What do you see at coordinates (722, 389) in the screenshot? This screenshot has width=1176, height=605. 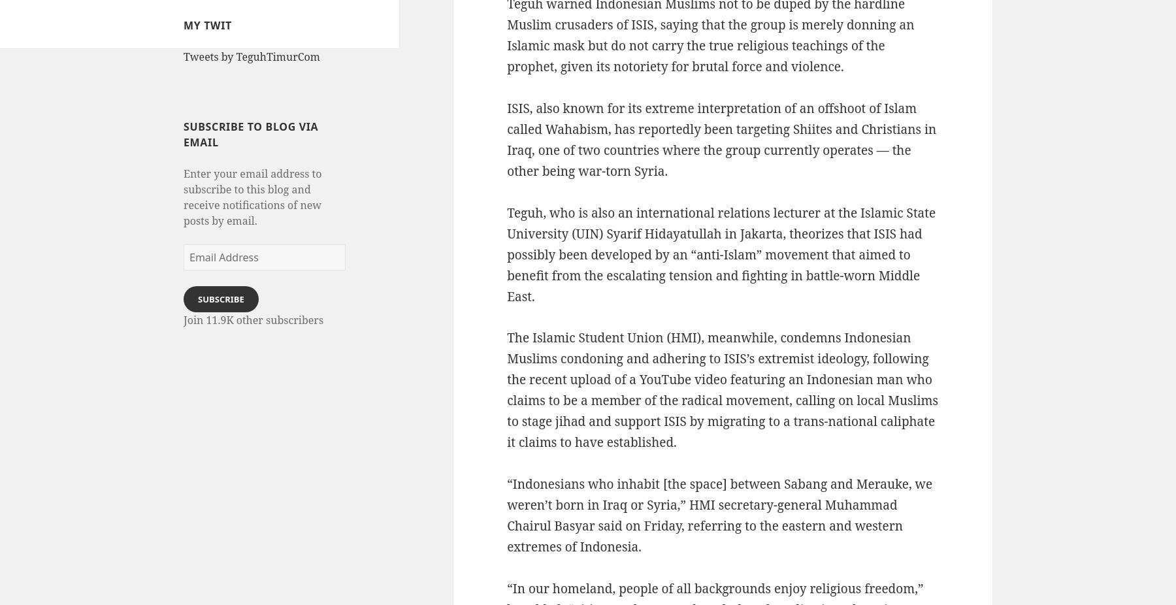 I see `'The Islamic Student Union (HMI), meanwhile, condemns Indonesian Muslims condoning and adhering to ISIS’s extremist ideology, following the recent upload of a YouTube video featuring an Indonesian man who claims to be a member of the radical movement, calling on local Muslims to stage jihad and support ISIS by migrating to a trans-national caliphate it claims to have established.'` at bounding box center [722, 389].